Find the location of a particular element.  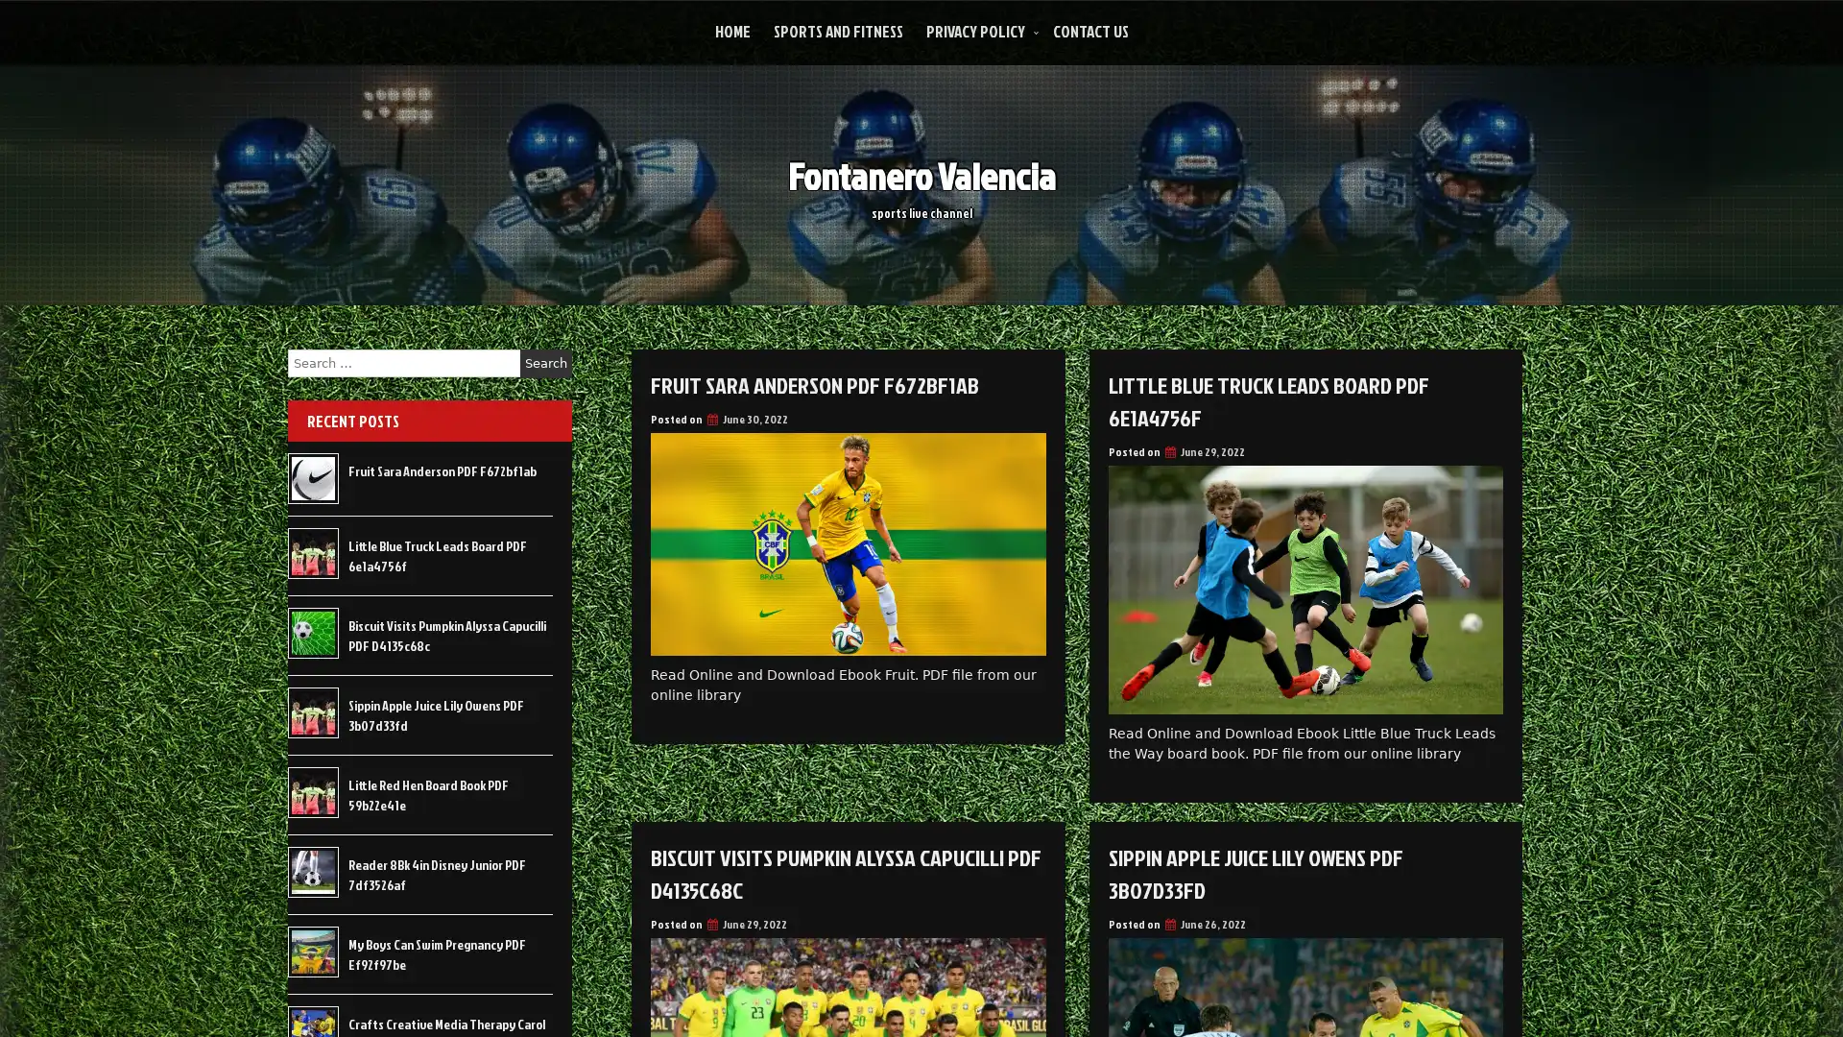

Search is located at coordinates (545, 363).